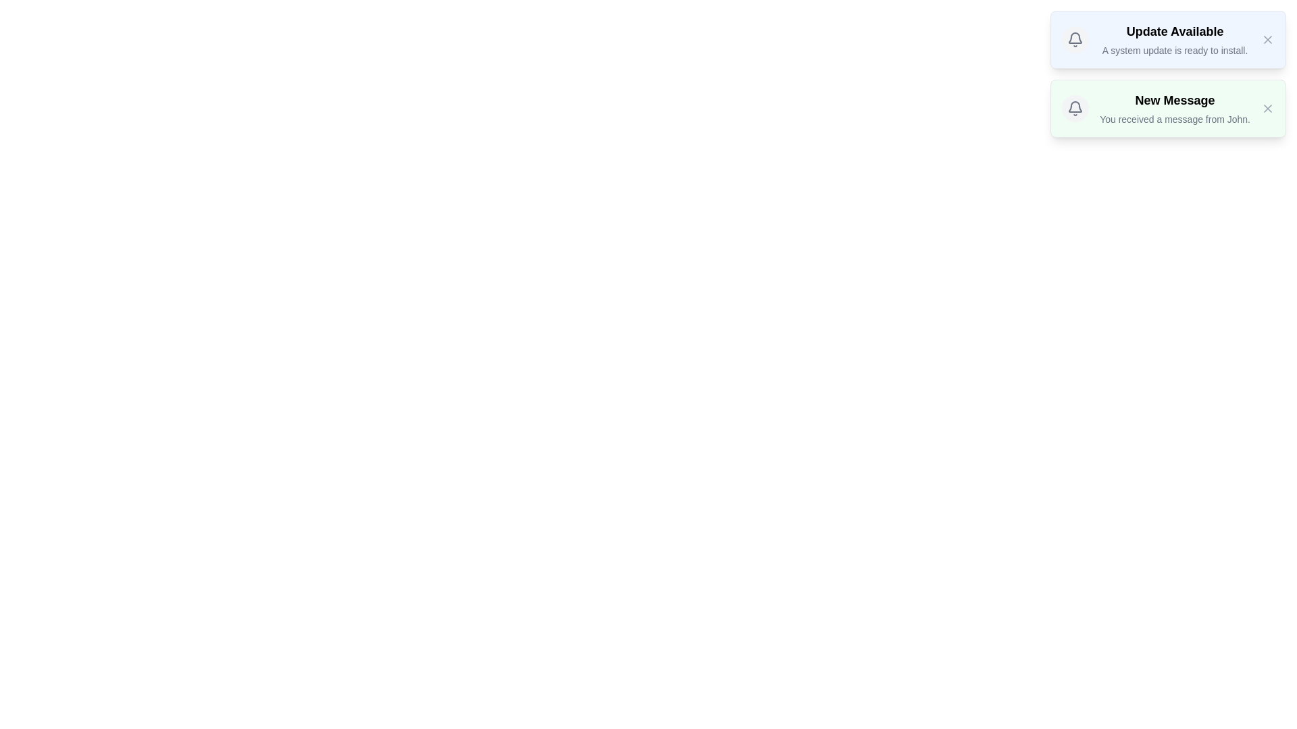  Describe the element at coordinates (1173, 38) in the screenshot. I see `the notification text area to read its details` at that location.